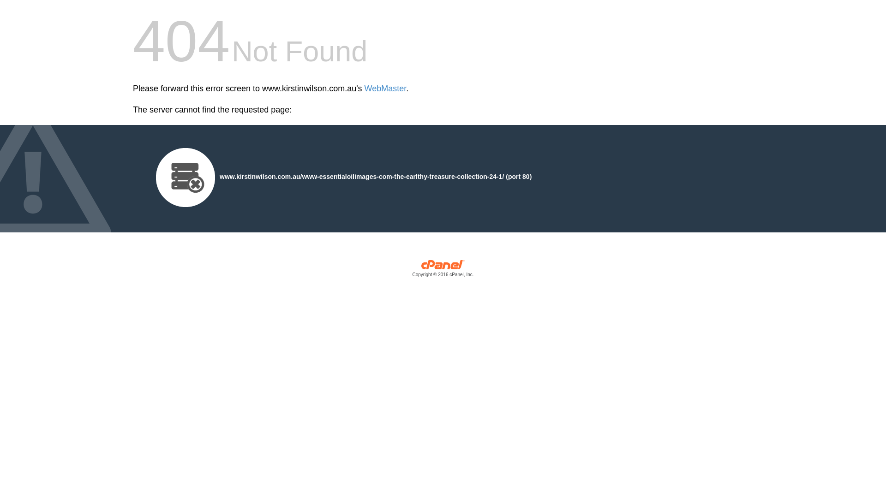  Describe the element at coordinates (385, 89) in the screenshot. I see `'WebMaster'` at that location.